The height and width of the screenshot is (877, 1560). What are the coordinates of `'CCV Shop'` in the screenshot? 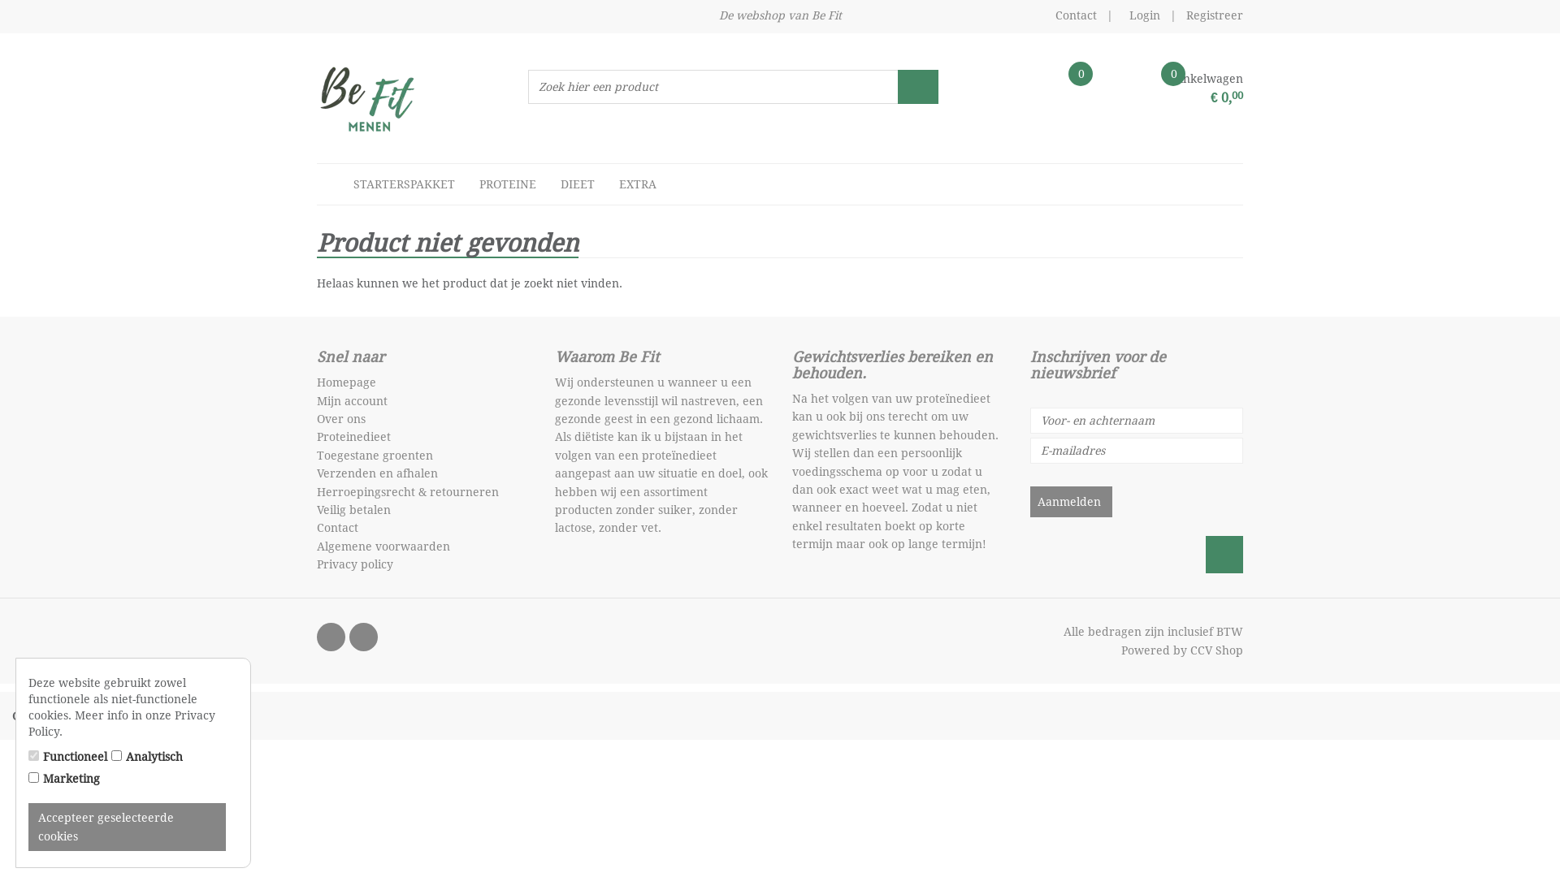 It's located at (1216, 650).